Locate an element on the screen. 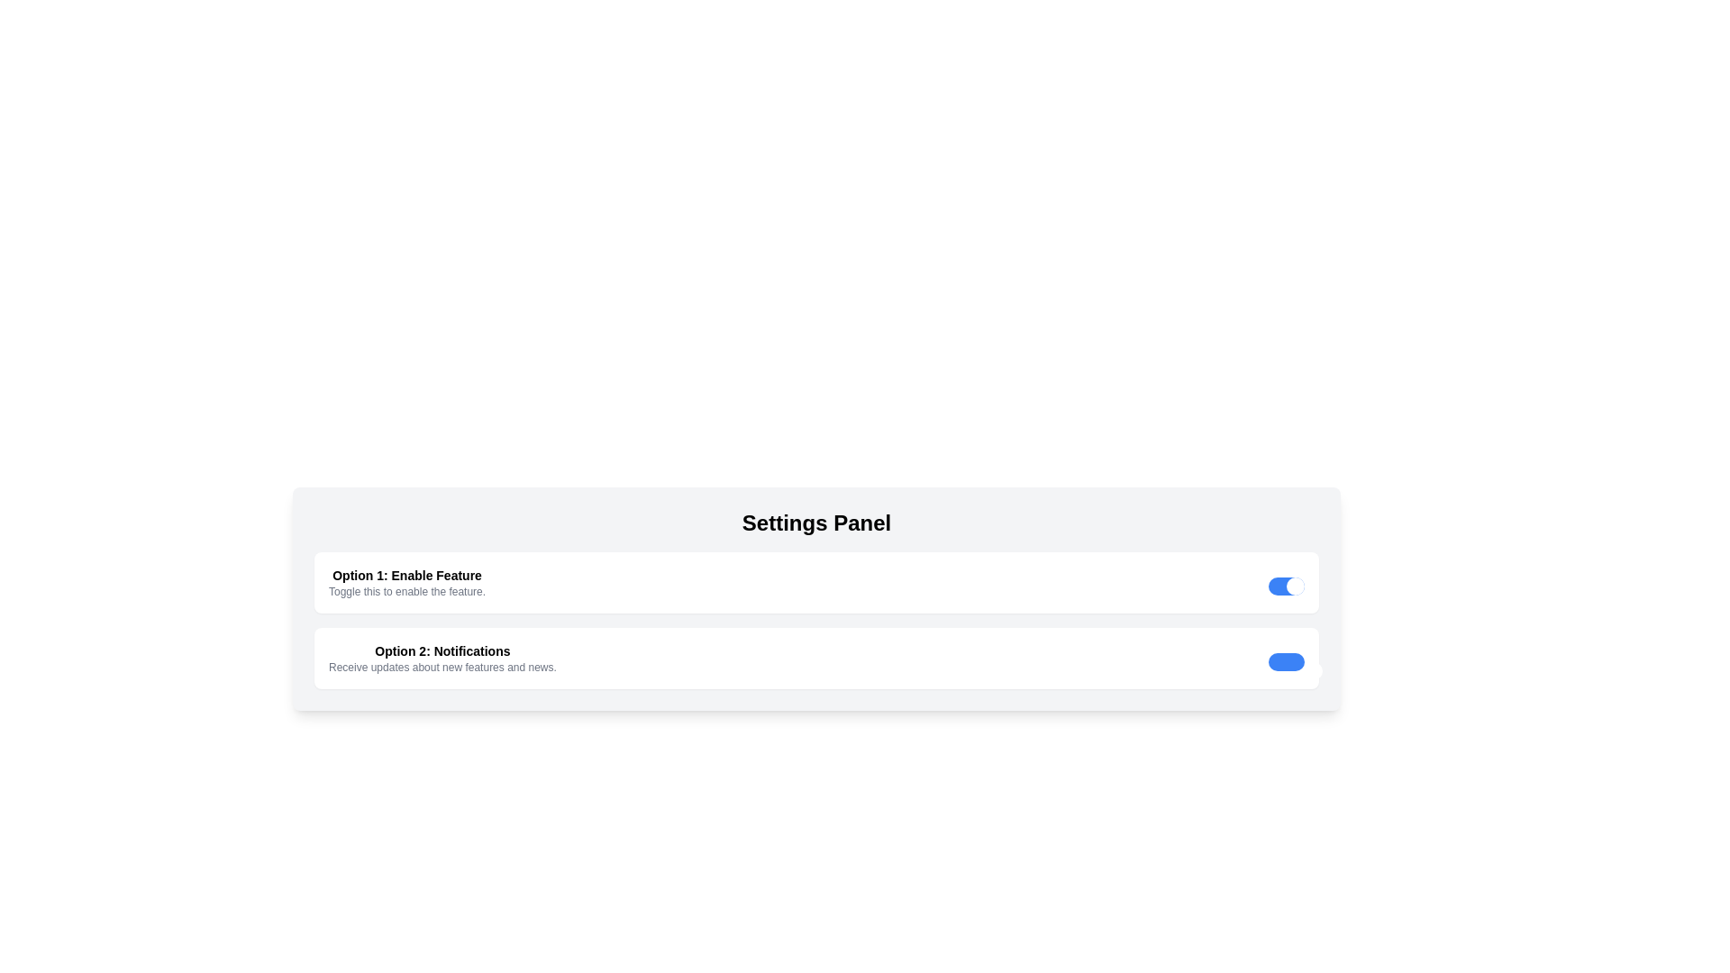 Image resolution: width=1730 pixels, height=973 pixels. the Text Block that displays information about the notification setting option, located below 'Option 1: Enable Feature' and next to a blue toggle switch is located at coordinates (442, 659).